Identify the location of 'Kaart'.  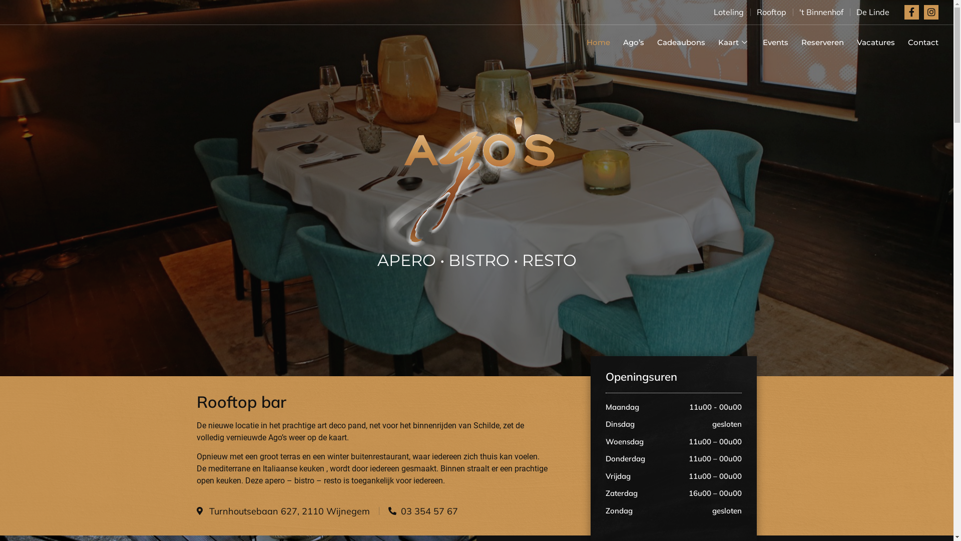
(727, 42).